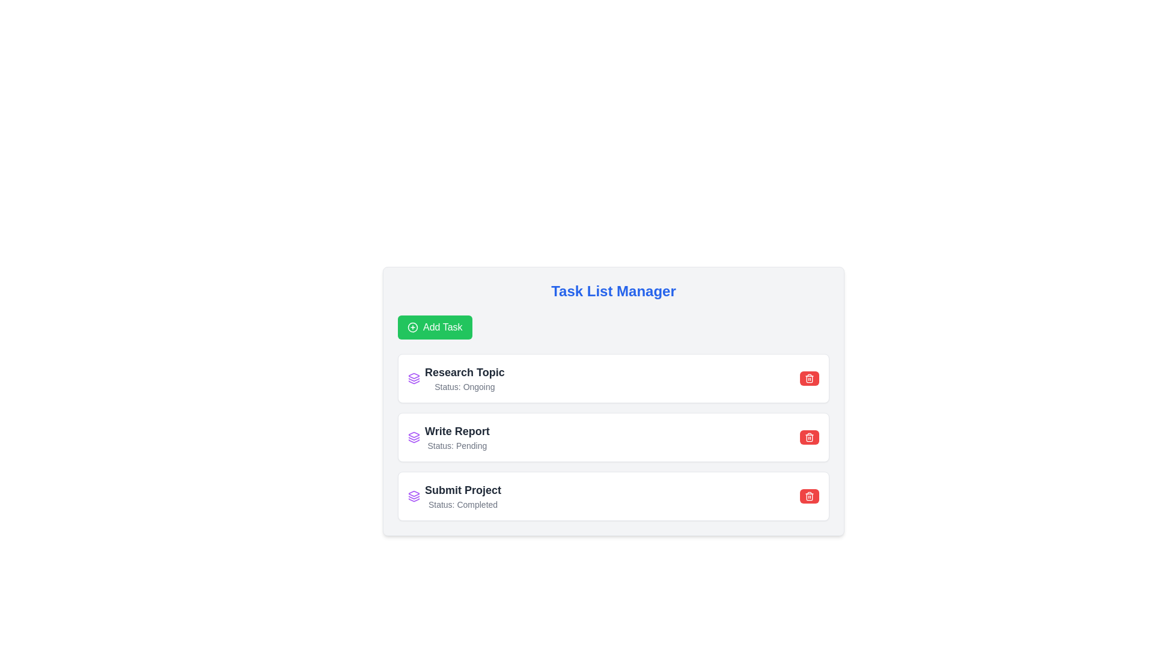  What do you see at coordinates (448, 437) in the screenshot?
I see `the task element titled 'Write Report' which displays its status as 'Pending'. This element is the second item in a vertical list within a task management interface` at bounding box center [448, 437].